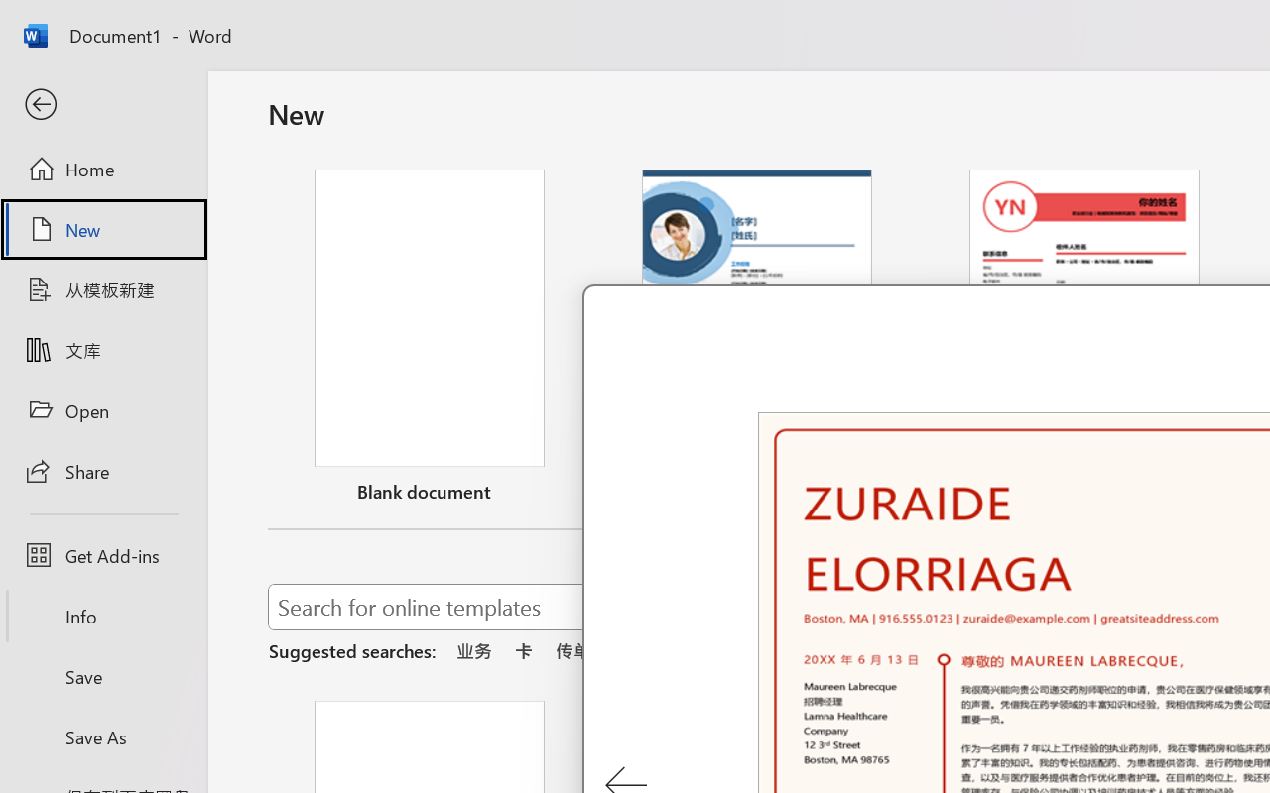 The image size is (1270, 793). I want to click on 'Info', so click(102, 616).